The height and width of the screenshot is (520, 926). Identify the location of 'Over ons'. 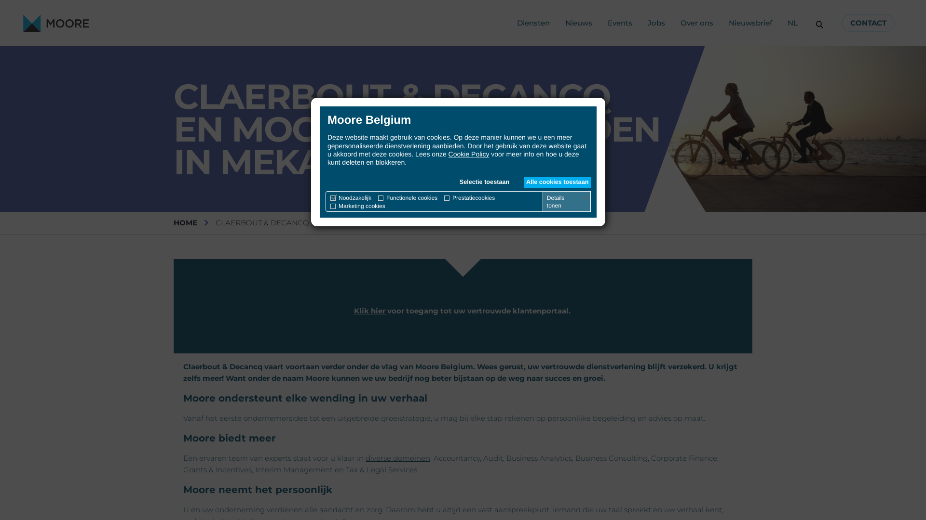
(680, 22).